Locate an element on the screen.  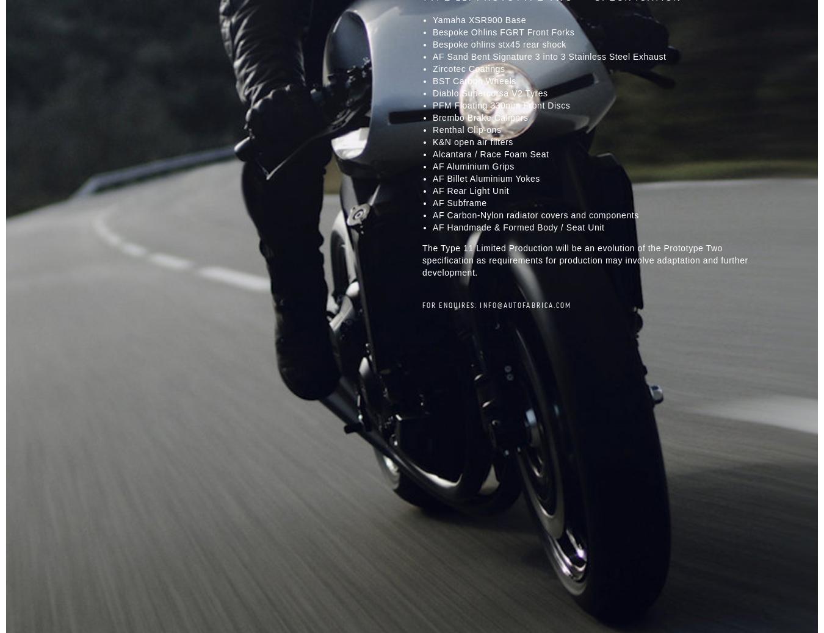
'Diablo Supercorsa V2 Tyres' is located at coordinates (432, 91).